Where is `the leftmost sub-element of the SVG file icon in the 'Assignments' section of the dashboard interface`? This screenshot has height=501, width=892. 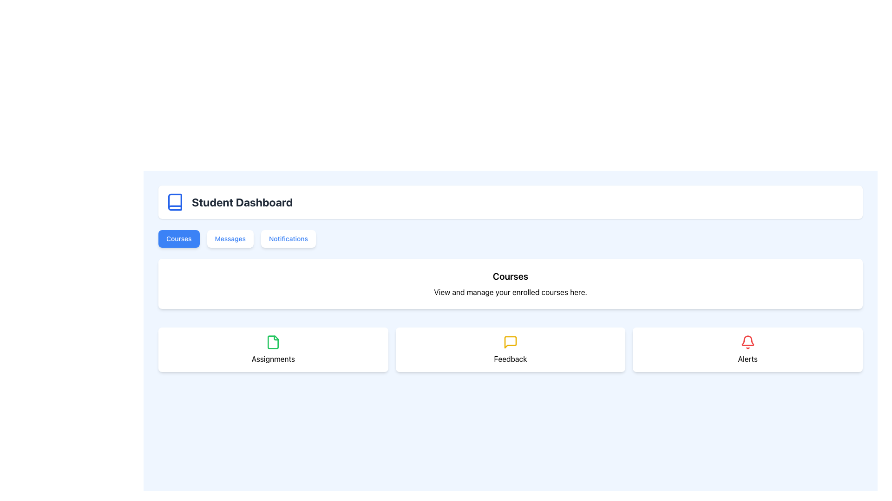 the leftmost sub-element of the SVG file icon in the 'Assignments' section of the dashboard interface is located at coordinates (273, 342).